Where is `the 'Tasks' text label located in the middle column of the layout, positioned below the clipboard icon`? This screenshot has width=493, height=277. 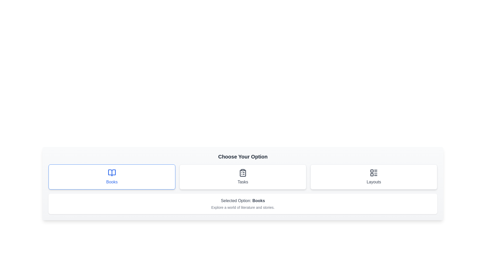
the 'Tasks' text label located in the middle column of the layout, positioned below the clipboard icon is located at coordinates (242, 182).